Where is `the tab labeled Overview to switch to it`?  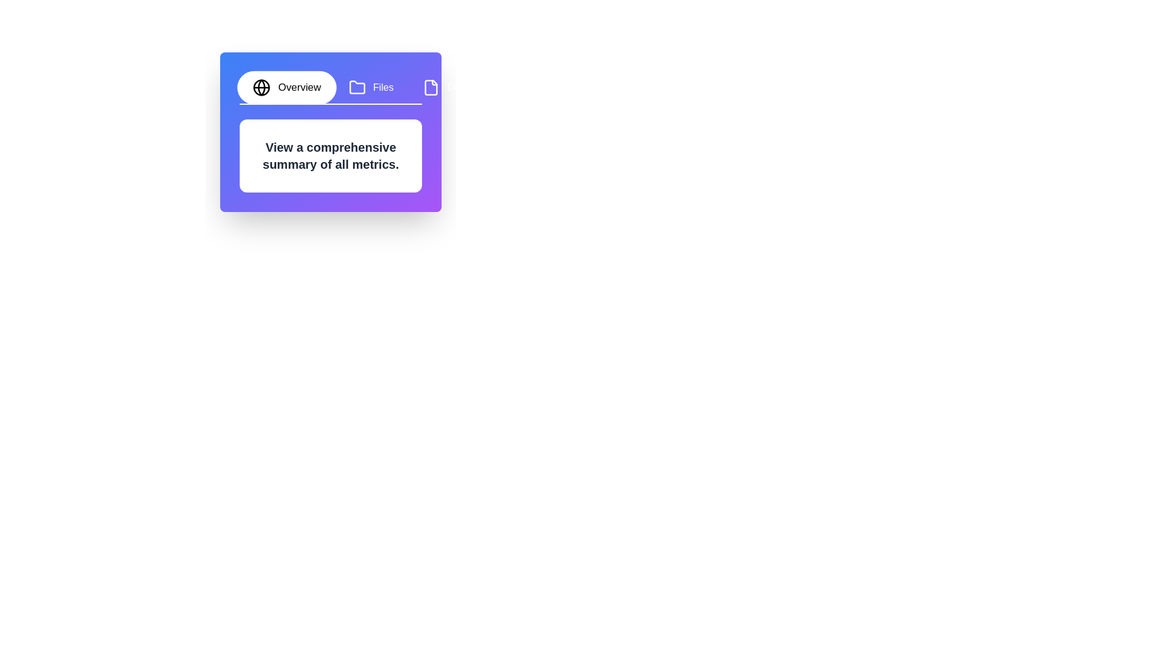 the tab labeled Overview to switch to it is located at coordinates (286, 87).